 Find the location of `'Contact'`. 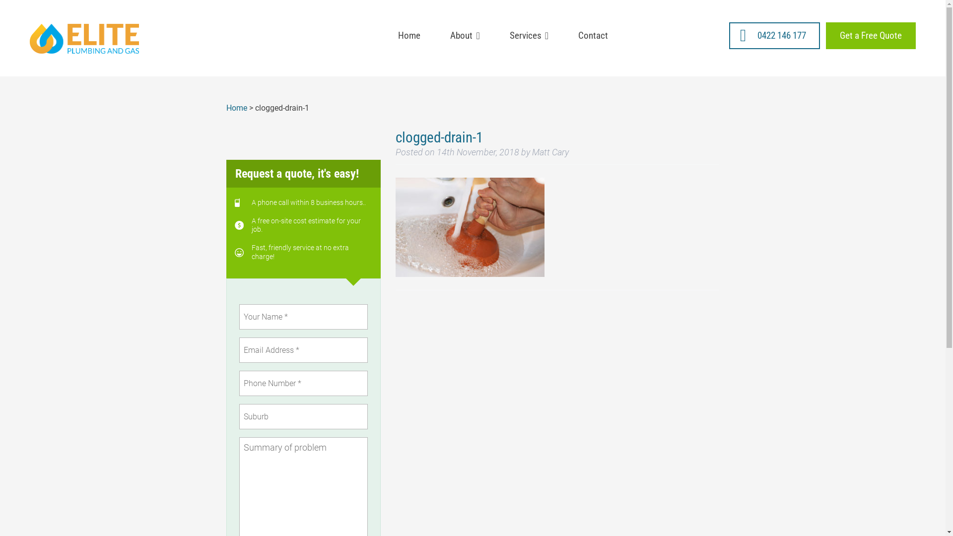

'Contact' is located at coordinates (593, 35).